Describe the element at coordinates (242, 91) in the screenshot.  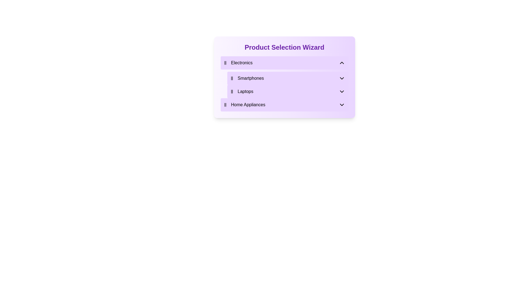
I see `the 'Laptops' text label, which is a selectable category title within the 'Product Selection Wizard' for navigating the electronics section` at that location.